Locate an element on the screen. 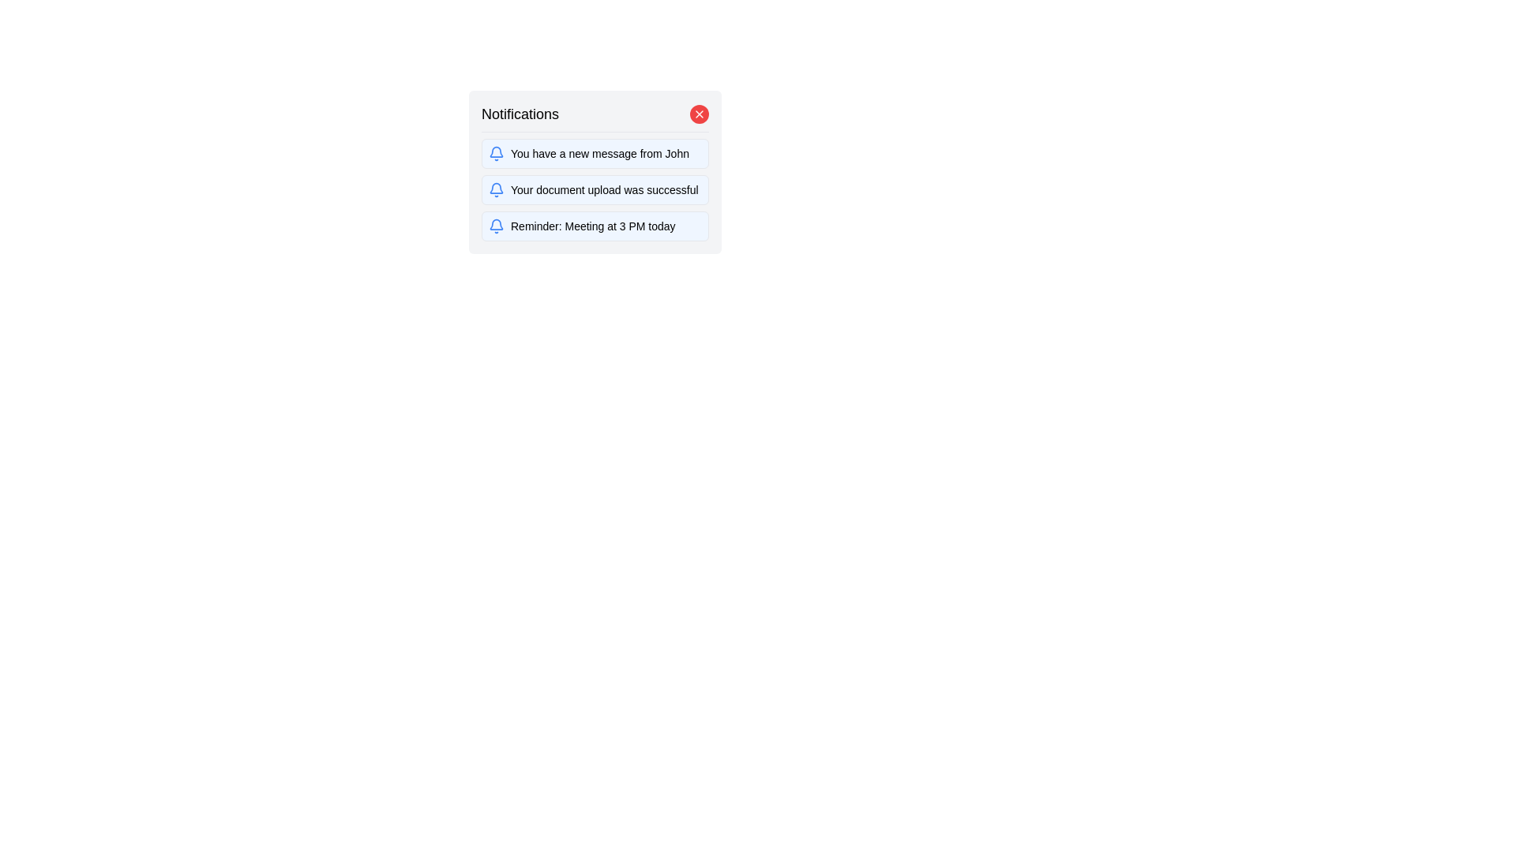 The width and height of the screenshot is (1516, 852). the close icon located at the top-right corner of the notification card is located at coordinates (699, 114).